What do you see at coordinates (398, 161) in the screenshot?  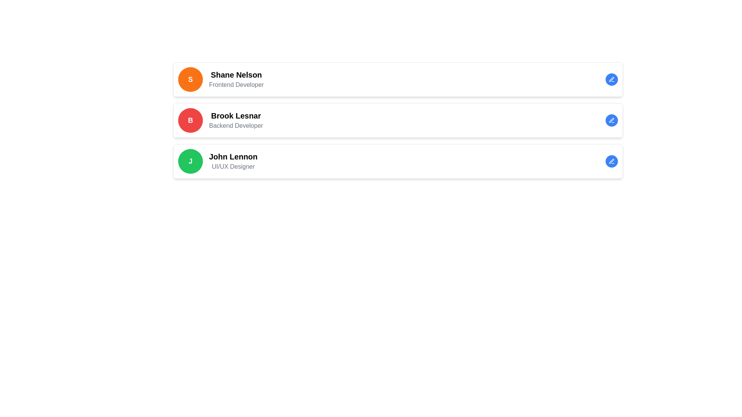 I see `the Profile card component for 'John Lennon', the third card in the vertical column` at bounding box center [398, 161].